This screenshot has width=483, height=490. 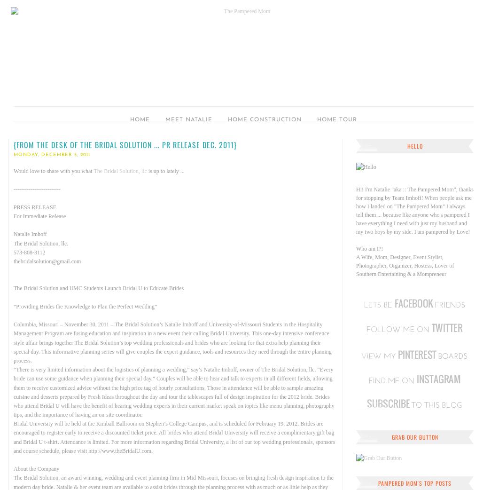 I want to click on 'Monday, December 5, 2011', so click(x=51, y=155).